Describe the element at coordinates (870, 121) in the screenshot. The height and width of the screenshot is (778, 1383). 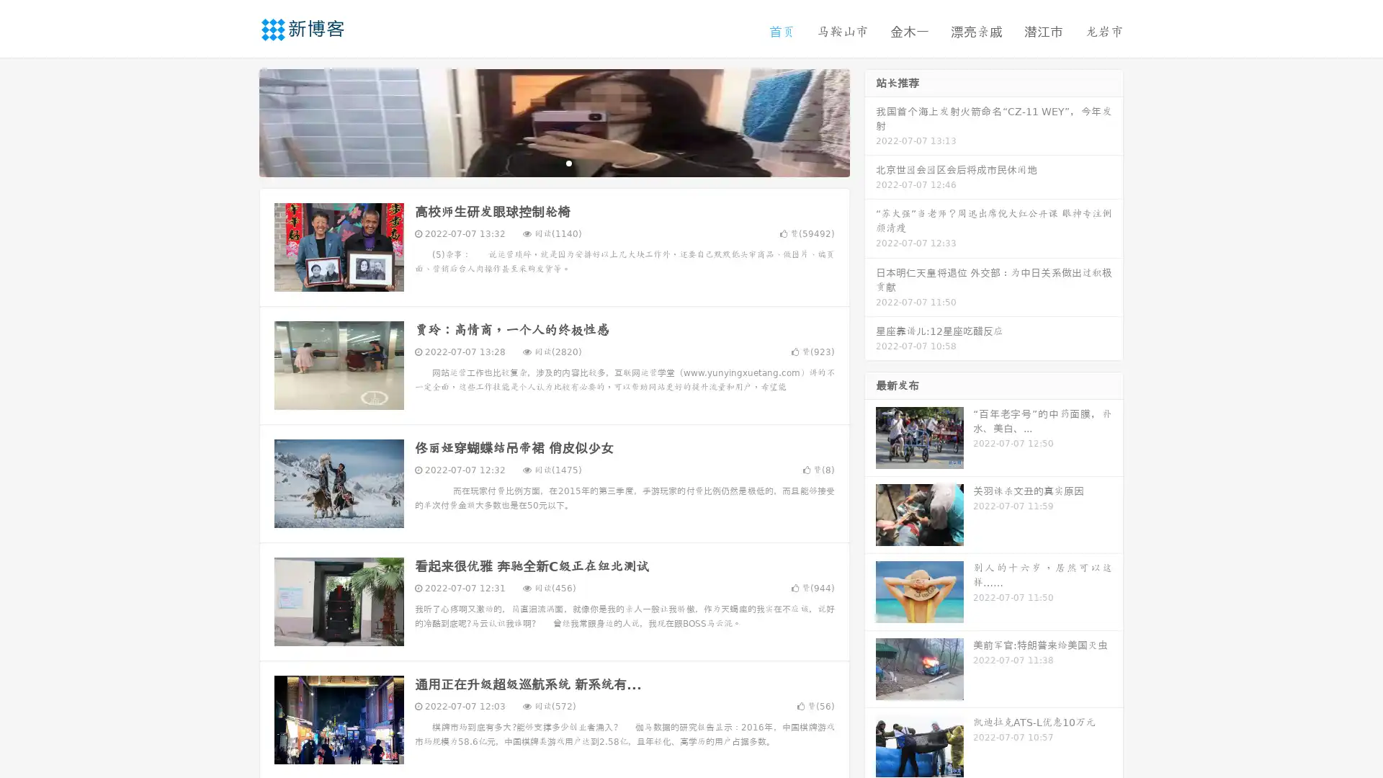
I see `Next slide` at that location.